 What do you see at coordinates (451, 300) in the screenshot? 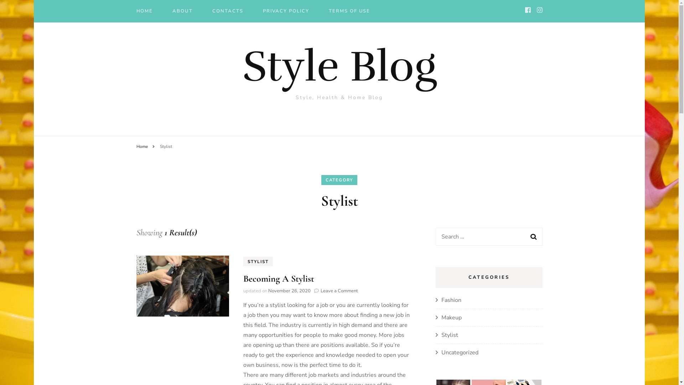
I see `'Fashion'` at bounding box center [451, 300].